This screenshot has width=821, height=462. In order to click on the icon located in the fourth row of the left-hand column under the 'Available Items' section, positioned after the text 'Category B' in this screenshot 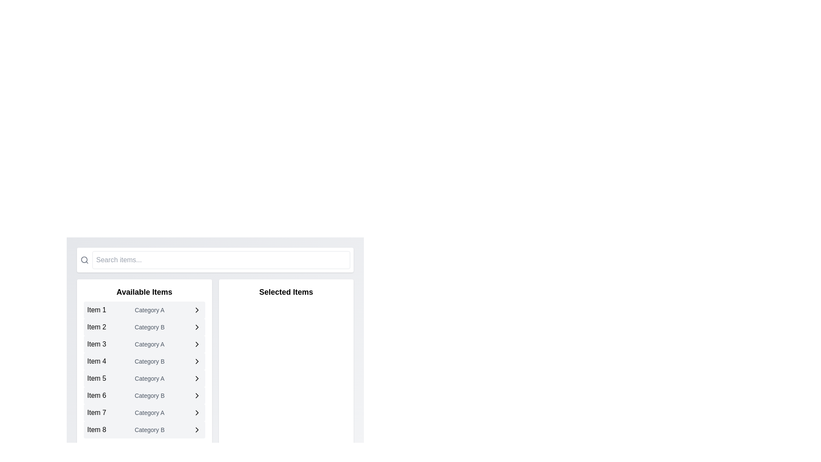, I will do `click(197, 361)`.